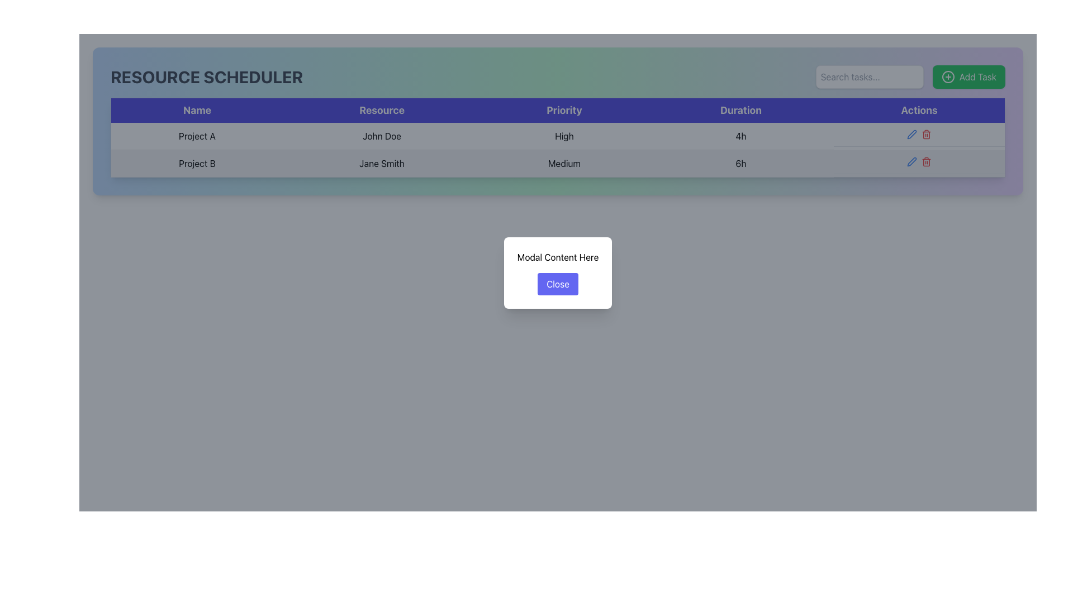  What do you see at coordinates (919, 110) in the screenshot?
I see `the 'Actions' label, which is a bold text label located in the top-right portion of the table header, aligned with the 'Actions' column` at bounding box center [919, 110].